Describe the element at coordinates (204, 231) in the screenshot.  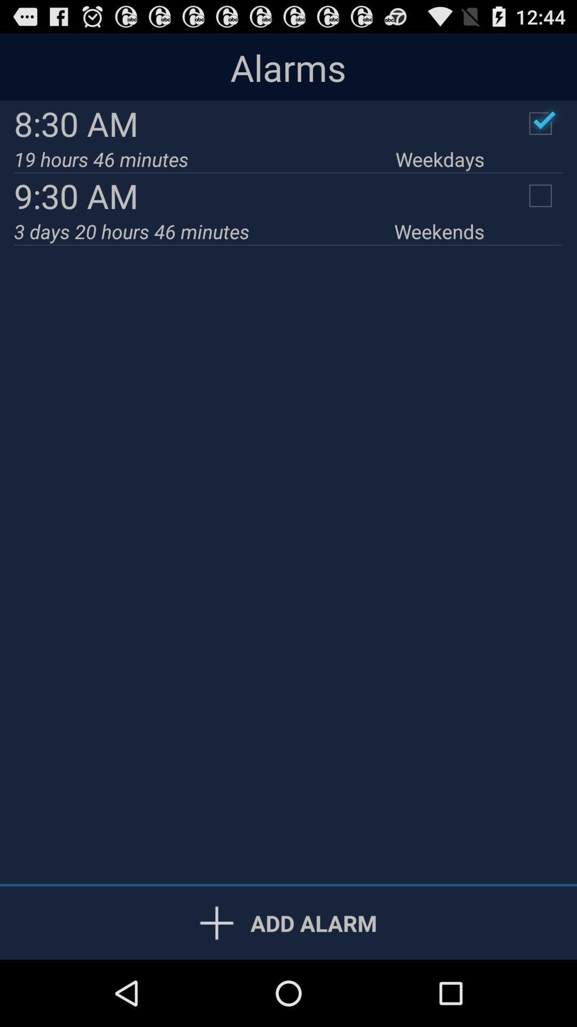
I see `the app next to weekends item` at that location.